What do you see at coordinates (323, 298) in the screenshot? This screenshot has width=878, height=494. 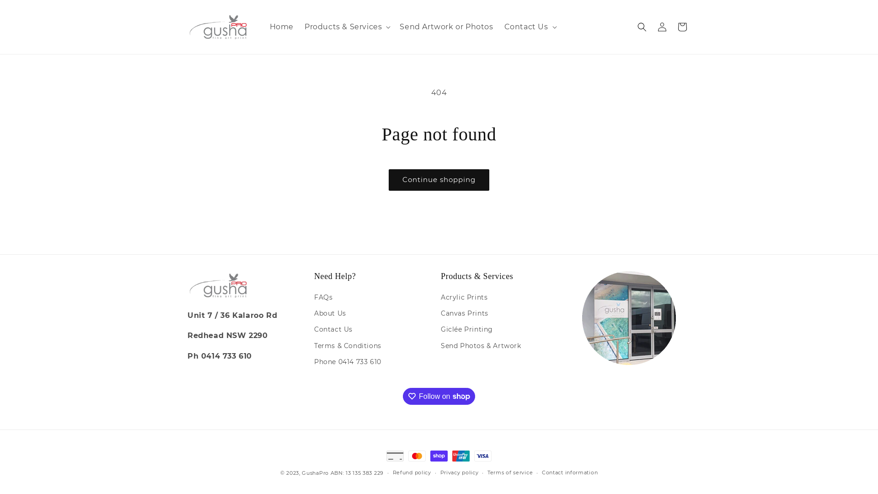 I see `'FAQs'` at bounding box center [323, 298].